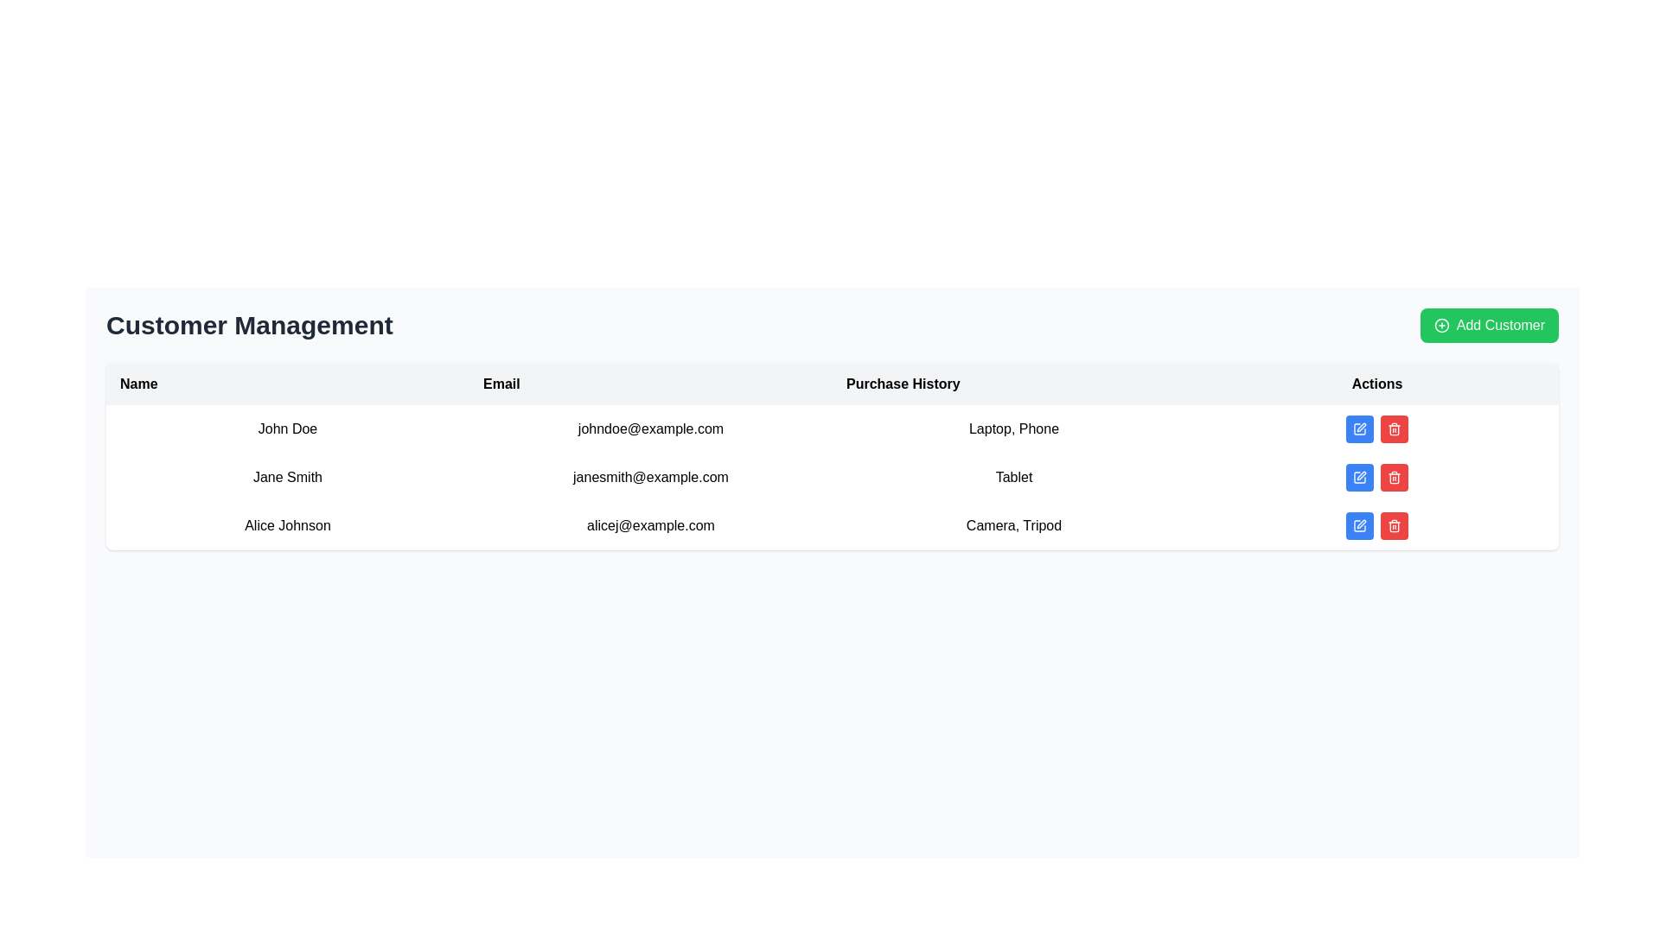 This screenshot has height=933, width=1660. Describe the element at coordinates (1013, 477) in the screenshot. I see `the Text label displaying the purchase item 'Tablet' for user 'Jane Smith' in the 'Purchase History' column` at that location.